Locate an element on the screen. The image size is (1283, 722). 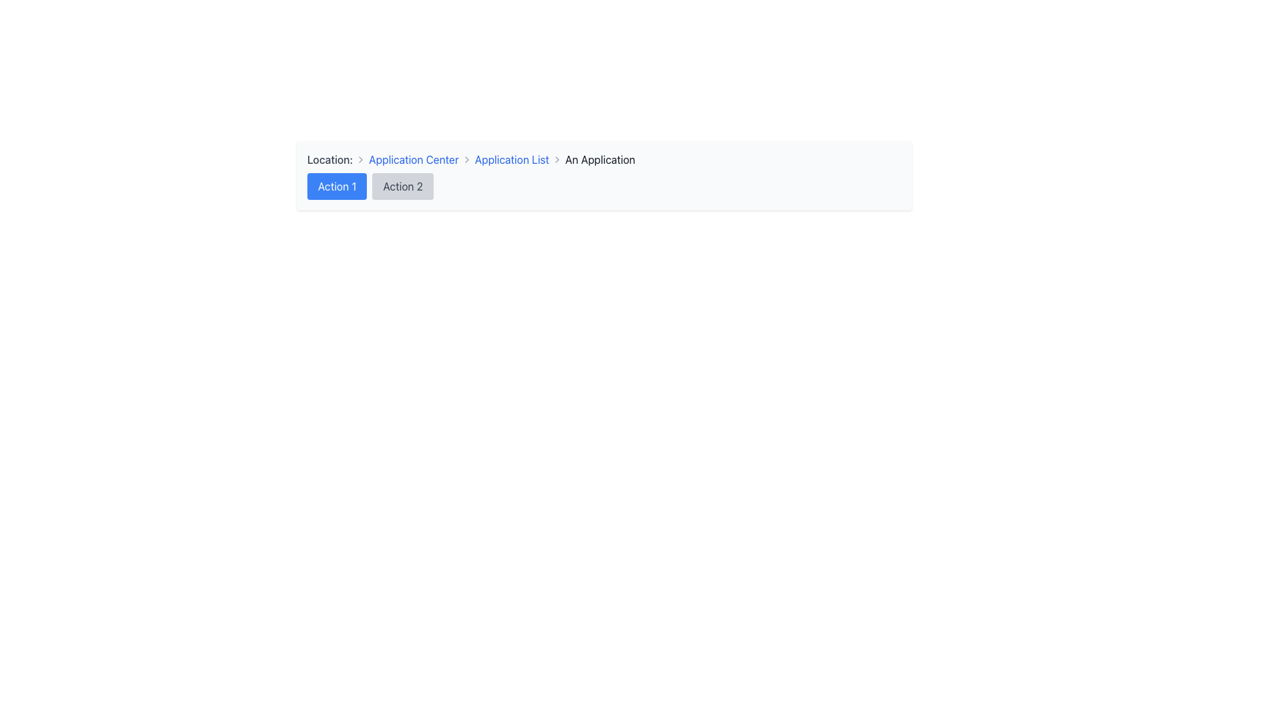
the first rightwards arrow separator in the breadcrumb navigation bar, which visually represents a separator between entries, located directly after the 'Location:' label is located at coordinates (361, 159).